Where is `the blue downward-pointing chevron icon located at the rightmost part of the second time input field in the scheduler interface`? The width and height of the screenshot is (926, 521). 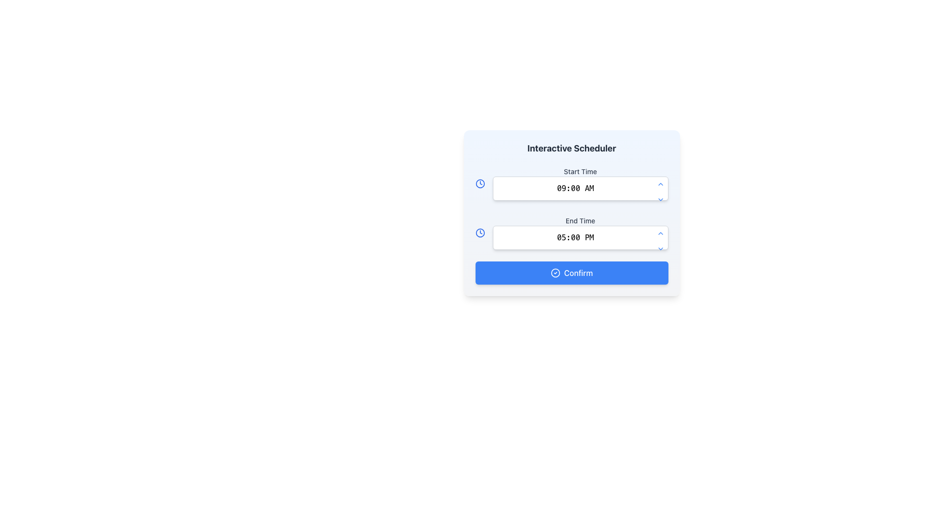 the blue downward-pointing chevron icon located at the rightmost part of the second time input field in the scheduler interface is located at coordinates (660, 199).